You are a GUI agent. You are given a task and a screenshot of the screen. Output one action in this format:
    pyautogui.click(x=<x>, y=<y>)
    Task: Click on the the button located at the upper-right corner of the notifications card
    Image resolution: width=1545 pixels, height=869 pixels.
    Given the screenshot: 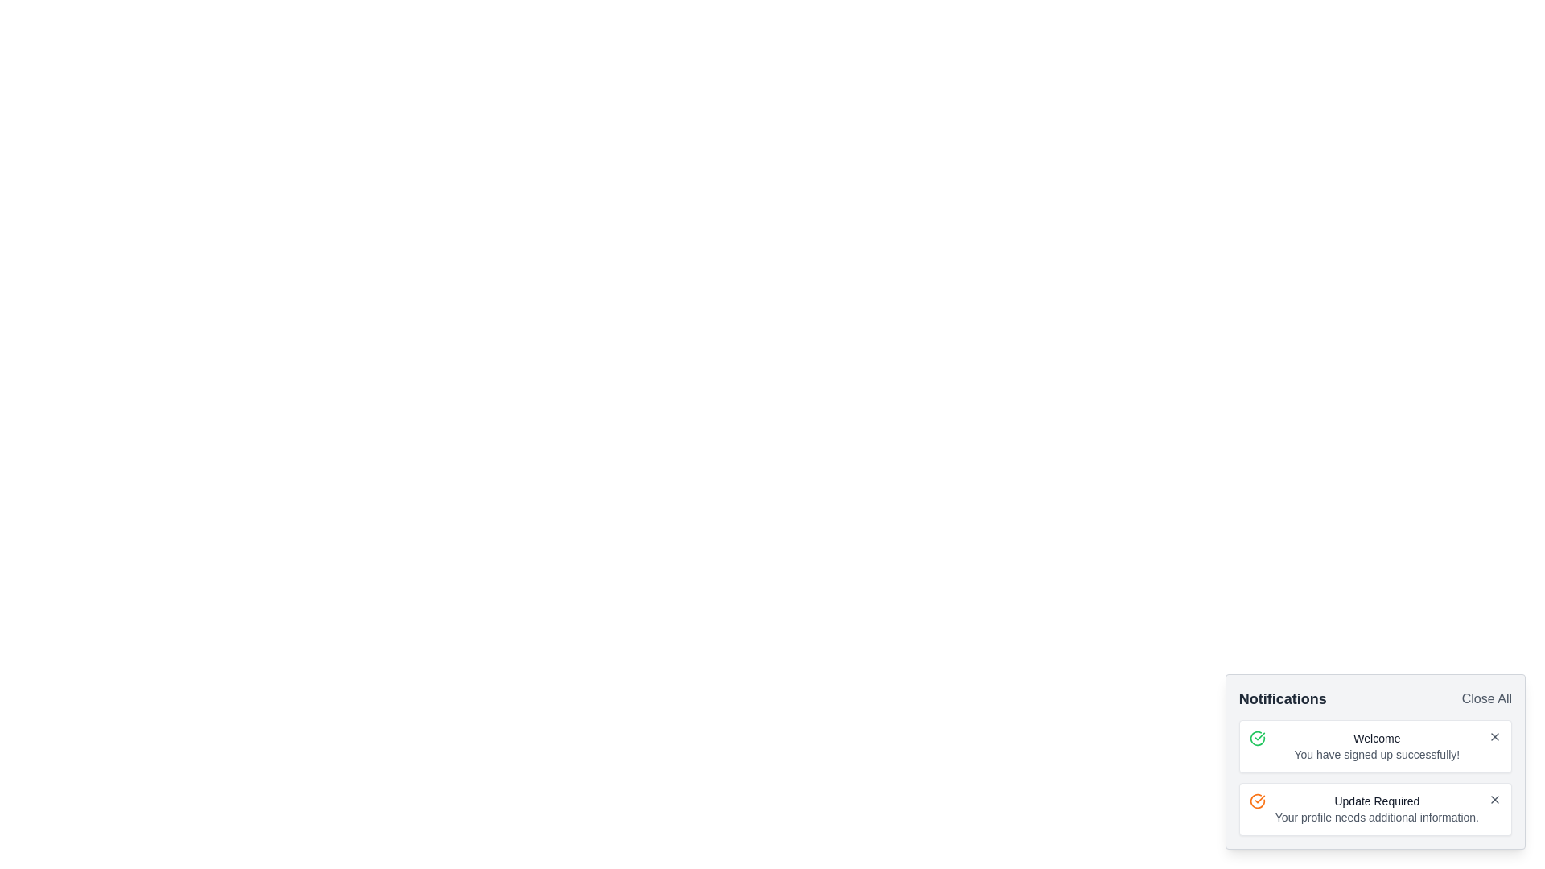 What is the action you would take?
    pyautogui.click(x=1485, y=698)
    